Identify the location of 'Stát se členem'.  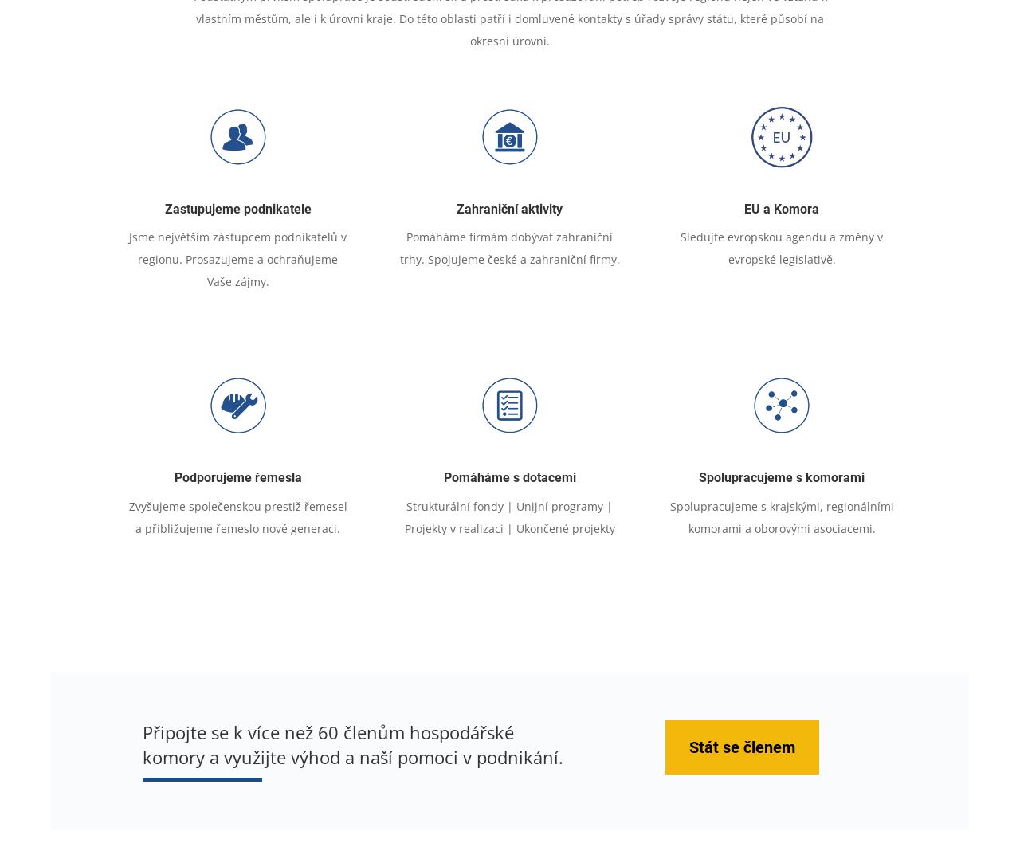
(741, 747).